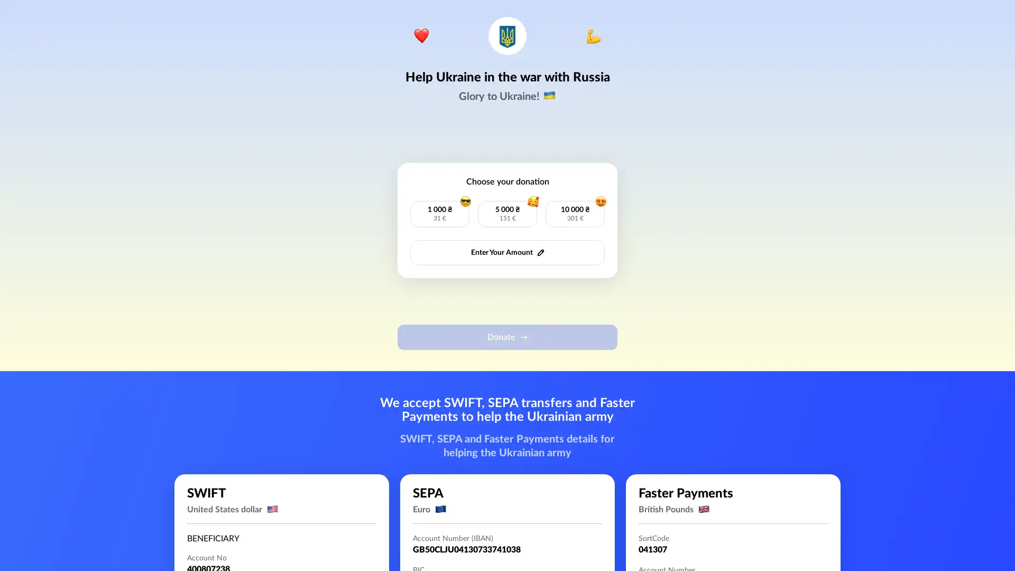 The height and width of the screenshot is (571, 1015). What do you see at coordinates (508, 337) in the screenshot?
I see `Donate` at bounding box center [508, 337].